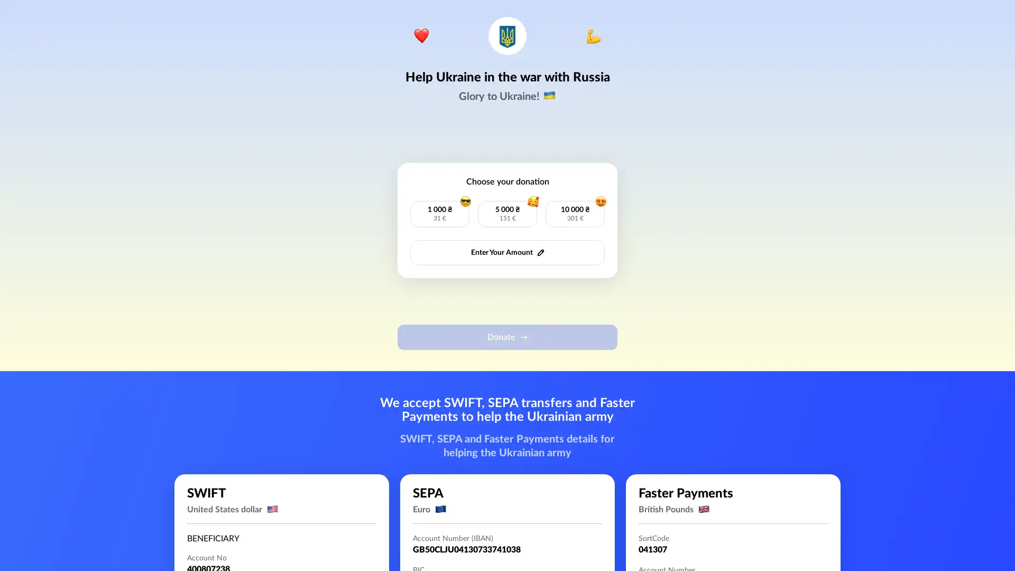 The height and width of the screenshot is (571, 1015). What do you see at coordinates (508, 337) in the screenshot?
I see `Donate` at bounding box center [508, 337].